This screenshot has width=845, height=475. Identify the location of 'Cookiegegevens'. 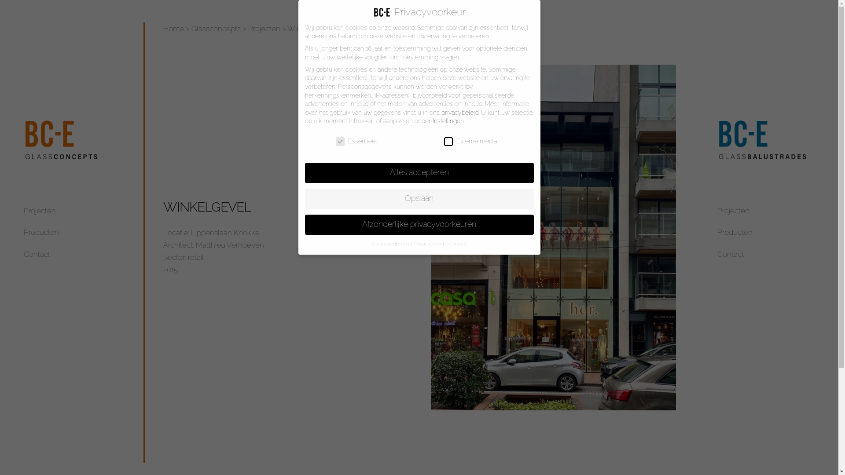
(390, 244).